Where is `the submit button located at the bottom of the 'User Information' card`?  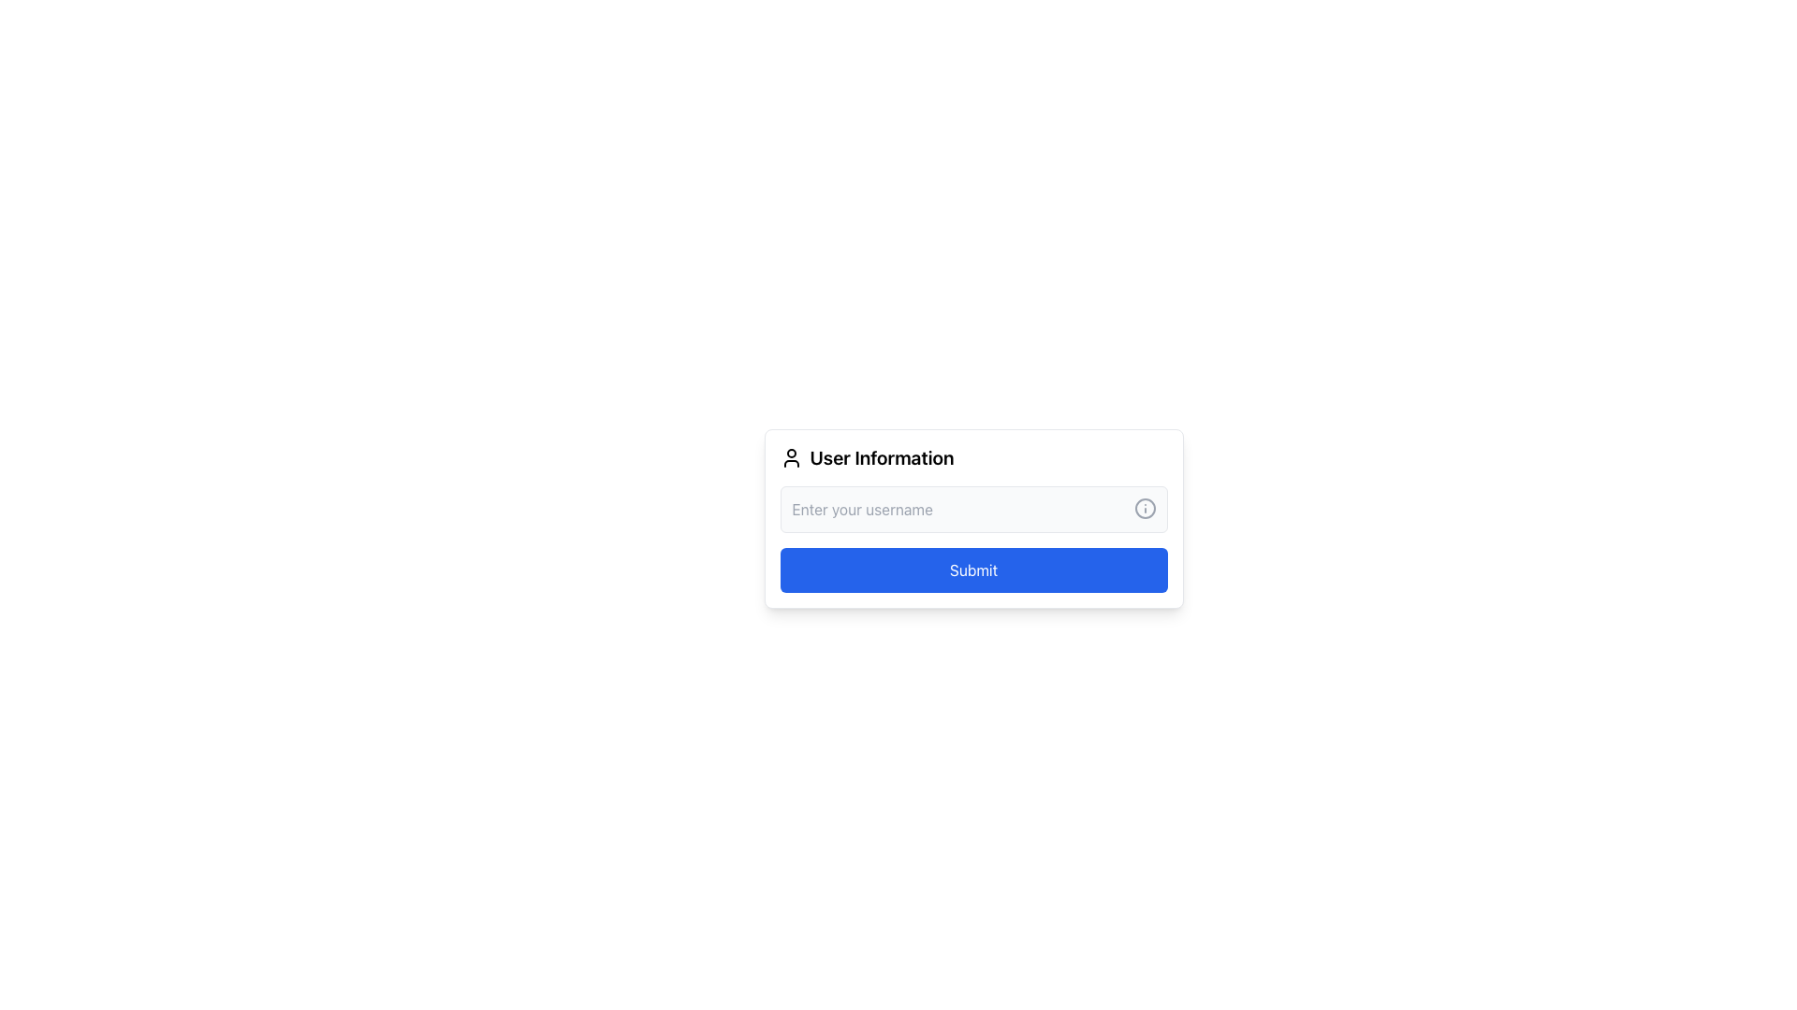
the submit button located at the bottom of the 'User Information' card is located at coordinates (973, 540).